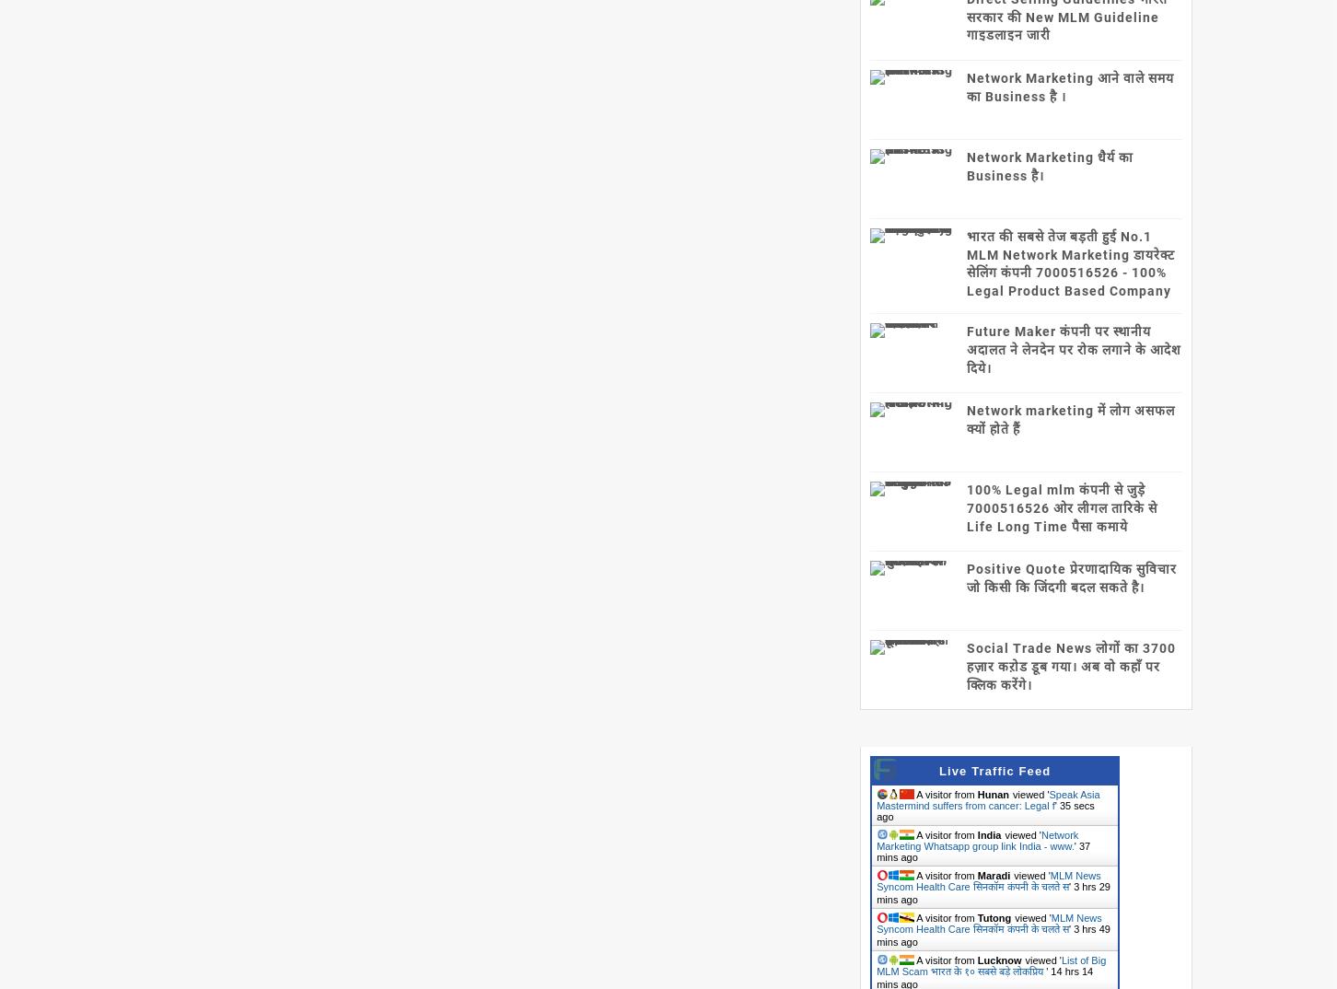  What do you see at coordinates (1062, 506) in the screenshot?
I see `'100% Legal mlm कंपनी से जुड़े 7000516526  ओर लीगल तारिके से Life Long Time पैसा कमाये'` at bounding box center [1062, 506].